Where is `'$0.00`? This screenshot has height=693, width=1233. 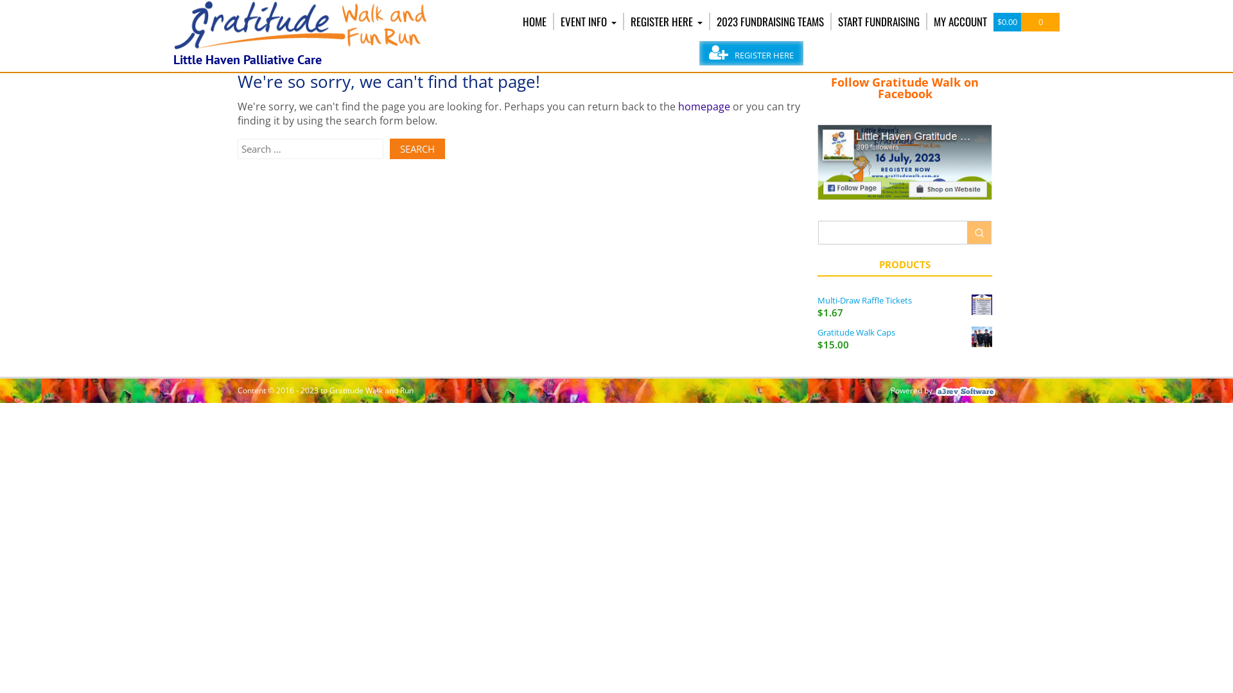
'$0.00 is located at coordinates (1026, 22).